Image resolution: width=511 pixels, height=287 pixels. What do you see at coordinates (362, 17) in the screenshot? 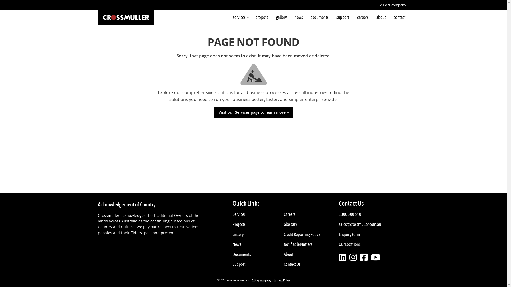
I see `'careers'` at bounding box center [362, 17].